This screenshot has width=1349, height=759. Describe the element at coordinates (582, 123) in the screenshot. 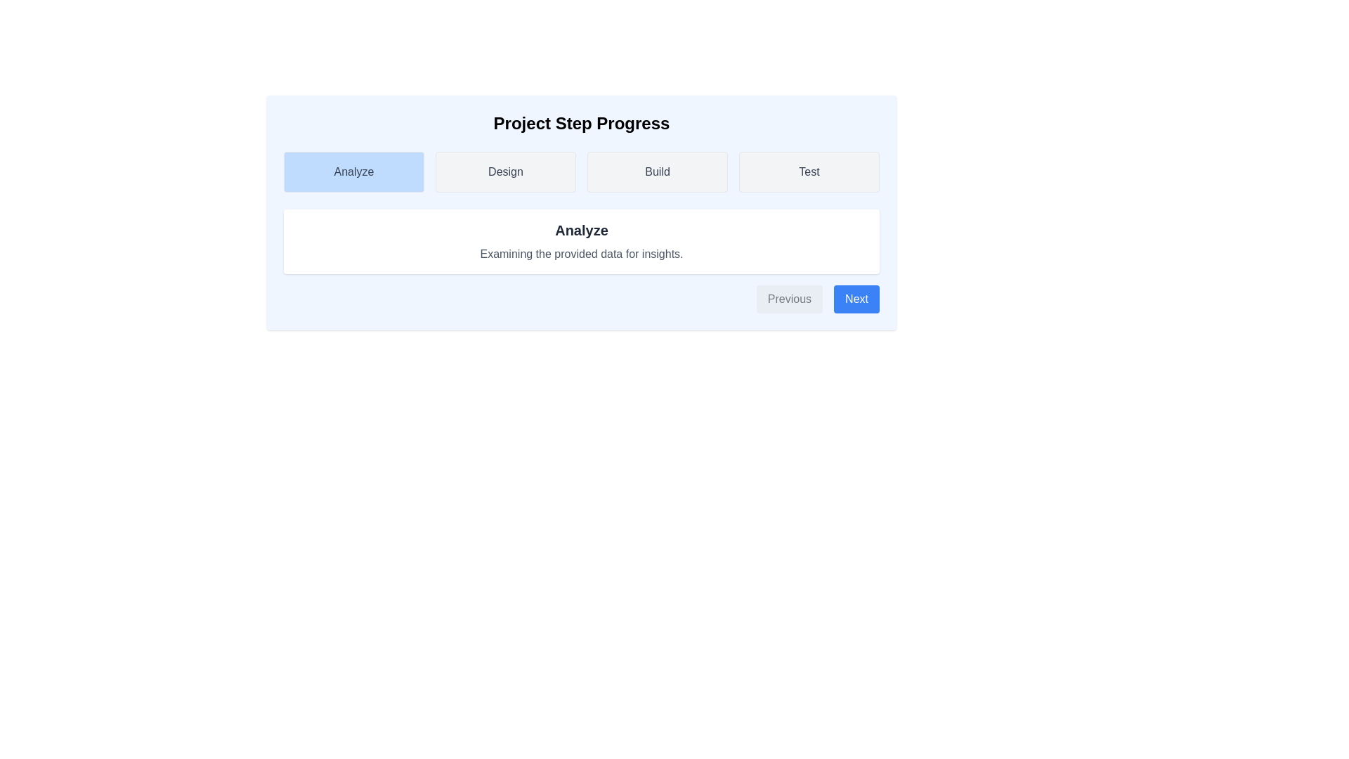

I see `the bold title labeled 'Project Step Progress' at the top-center of the card component, which serves as the heading for the card` at that location.